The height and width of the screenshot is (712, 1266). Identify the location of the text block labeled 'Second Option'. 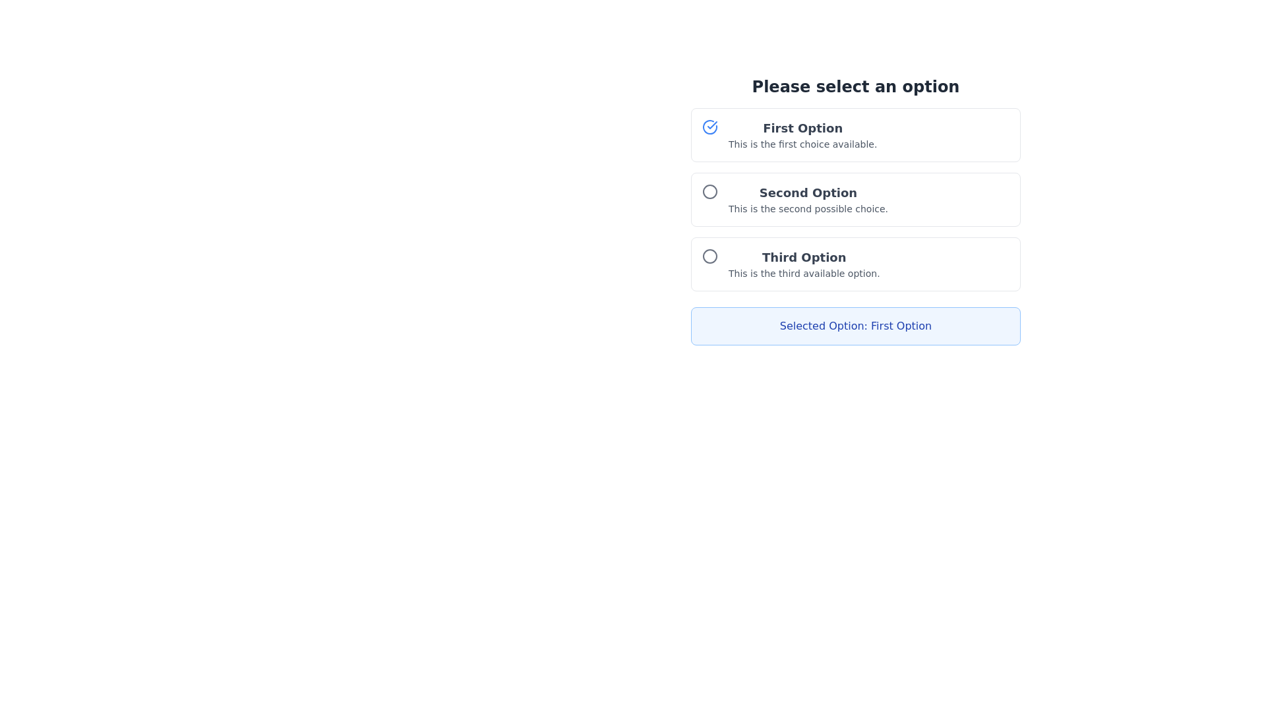
(808, 200).